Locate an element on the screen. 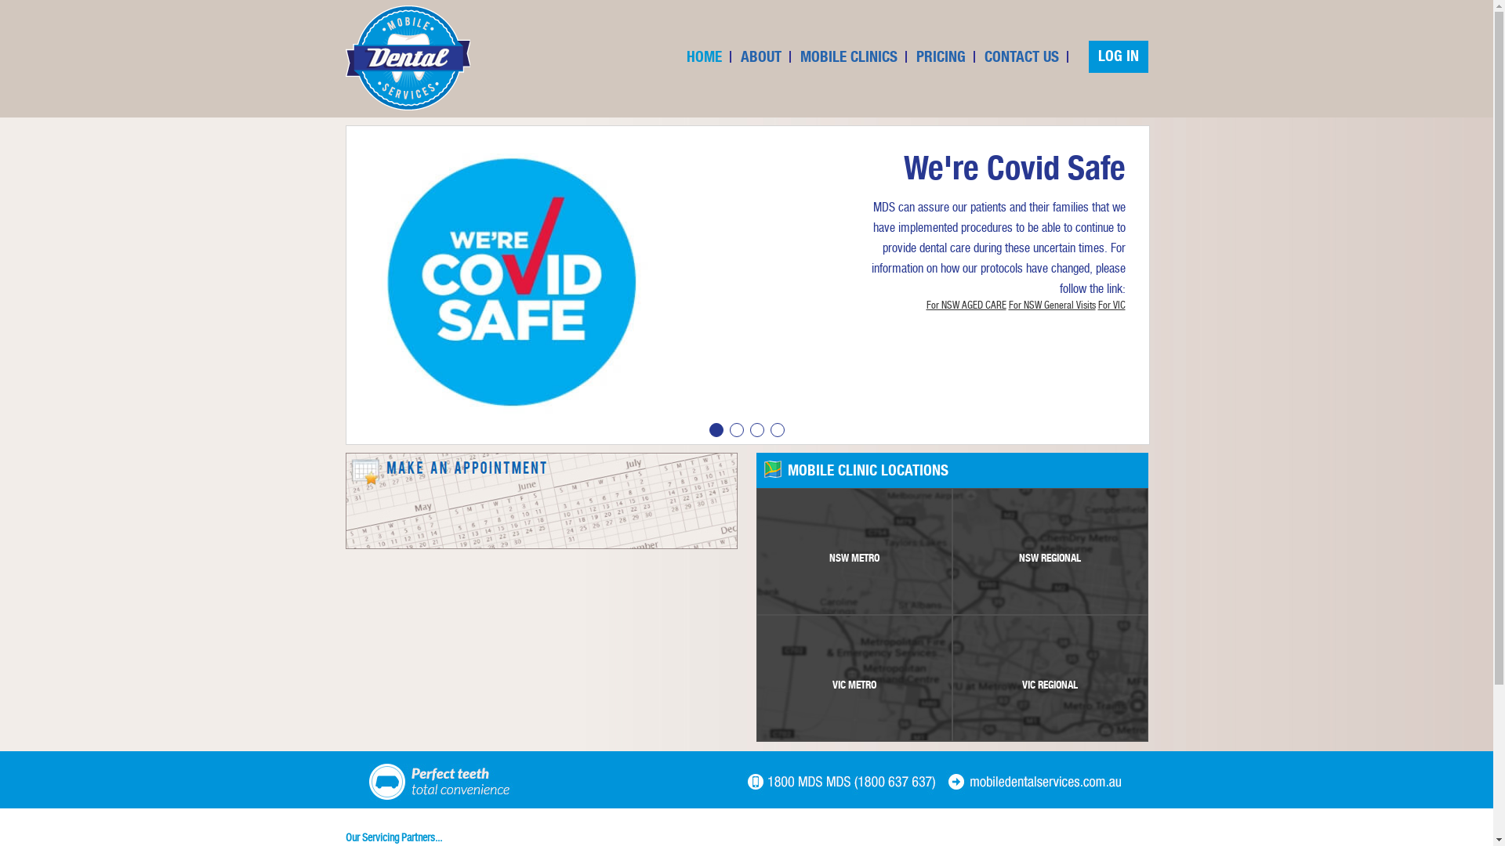  'VIC REGIONAL' is located at coordinates (1050, 678).